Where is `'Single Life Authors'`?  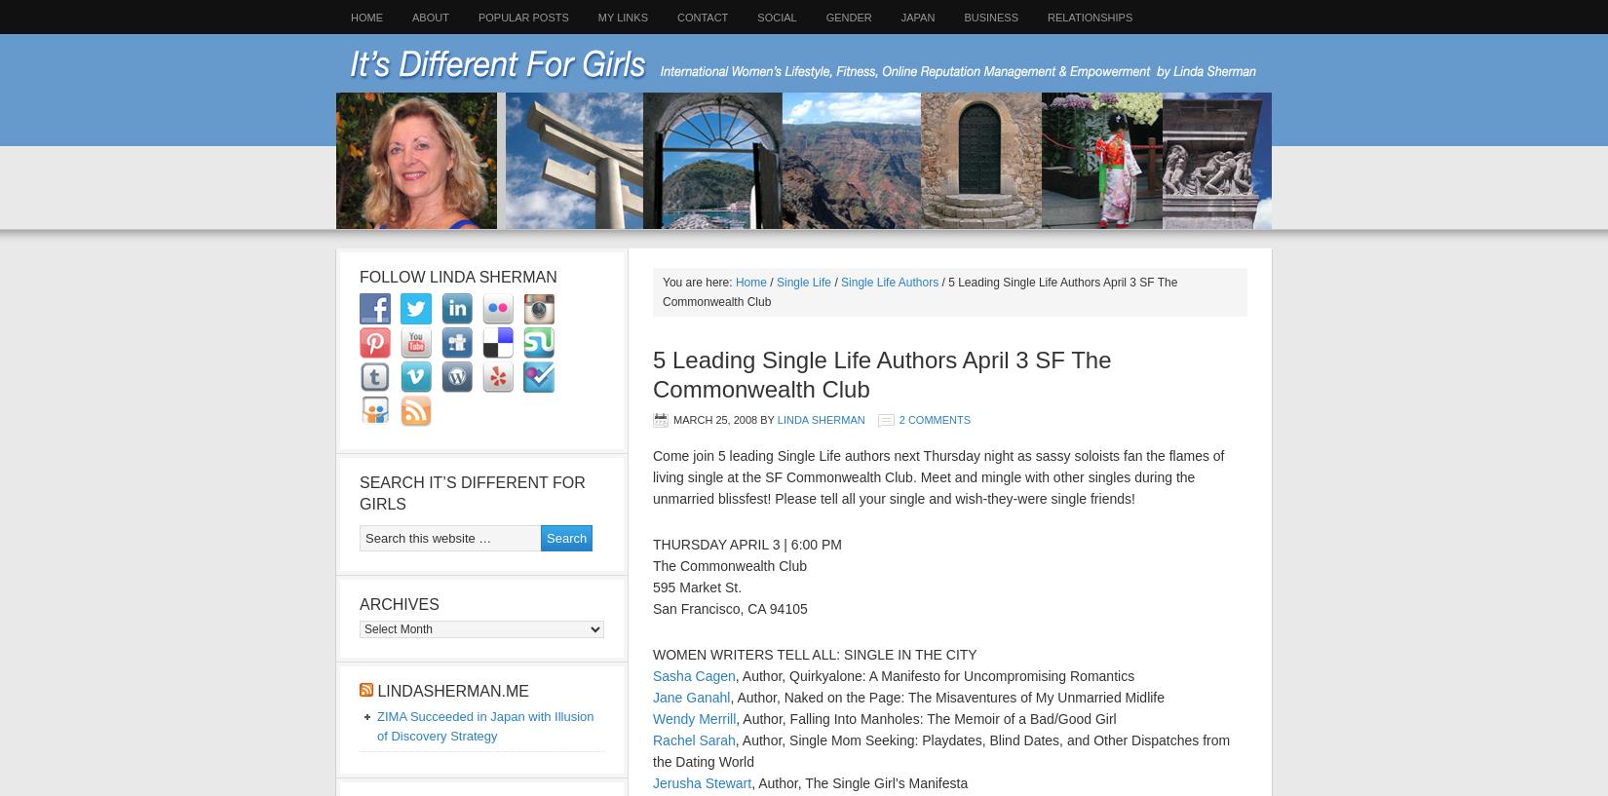
'Single Life Authors' is located at coordinates (889, 283).